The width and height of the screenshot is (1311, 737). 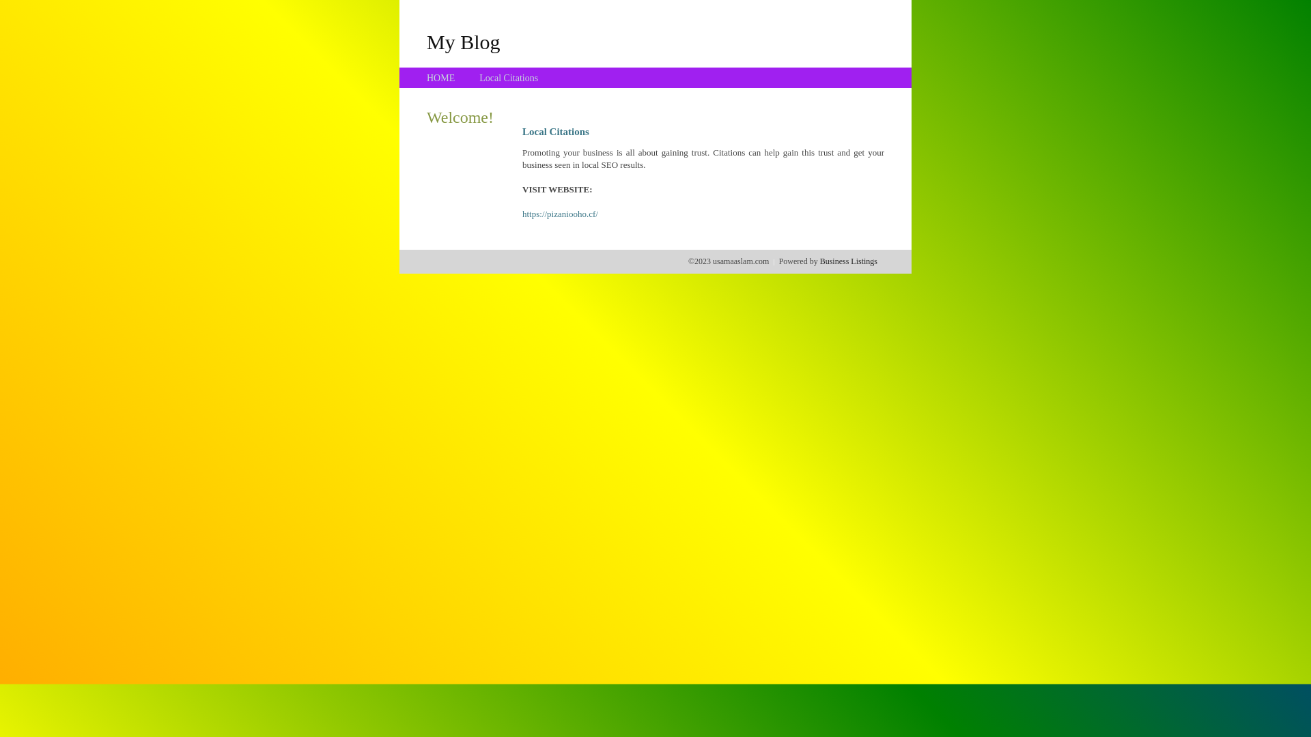 I want to click on 'https://pizaniooho.cf/', so click(x=560, y=214).